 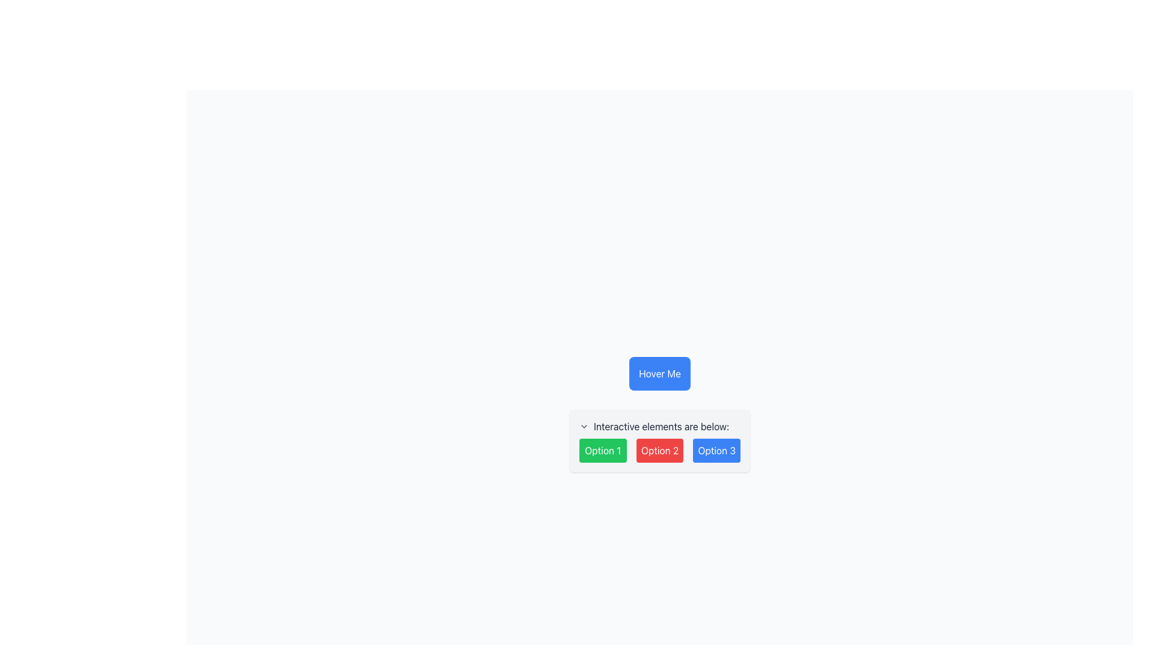 What do you see at coordinates (659, 373) in the screenshot?
I see `the hoverable text label within the blue rounded button located above the section of three smaller buttons labeled Option 1, Option 2, and Option 3` at bounding box center [659, 373].